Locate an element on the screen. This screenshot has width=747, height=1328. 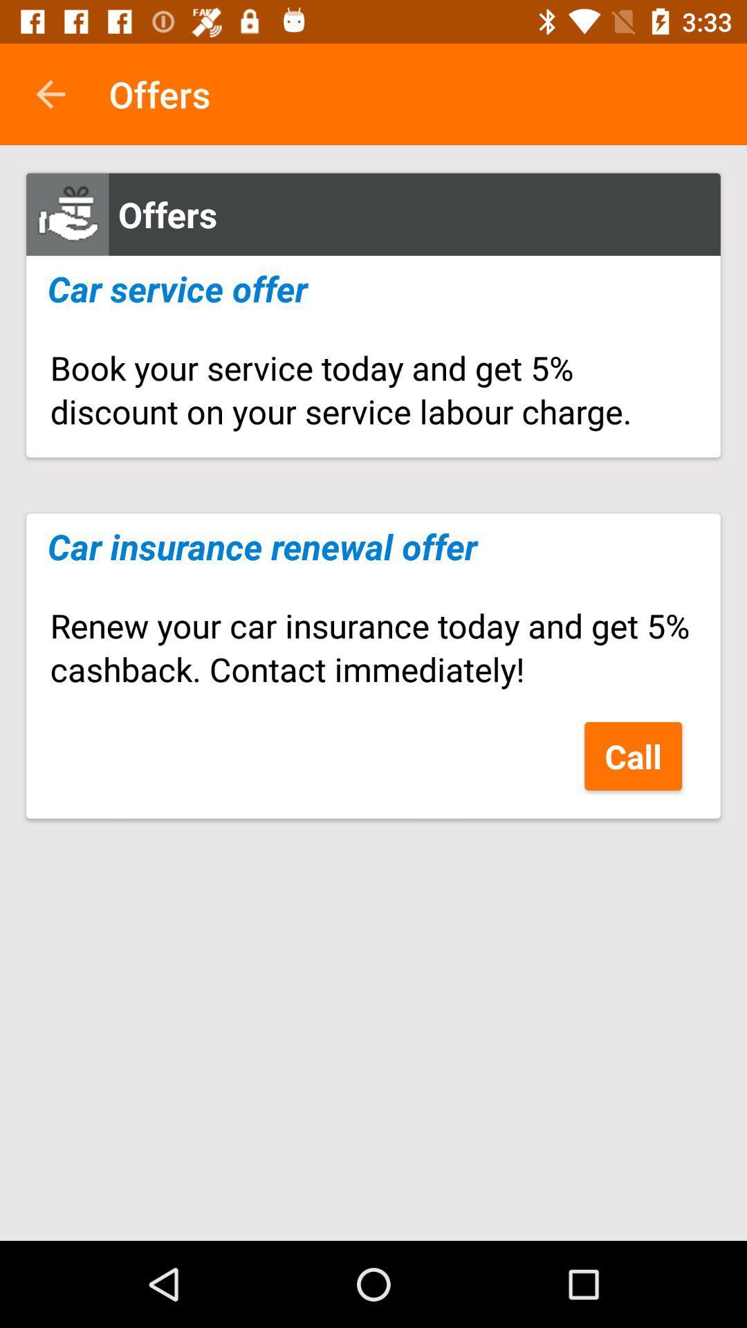
icon next to the offers app is located at coordinates (50, 93).